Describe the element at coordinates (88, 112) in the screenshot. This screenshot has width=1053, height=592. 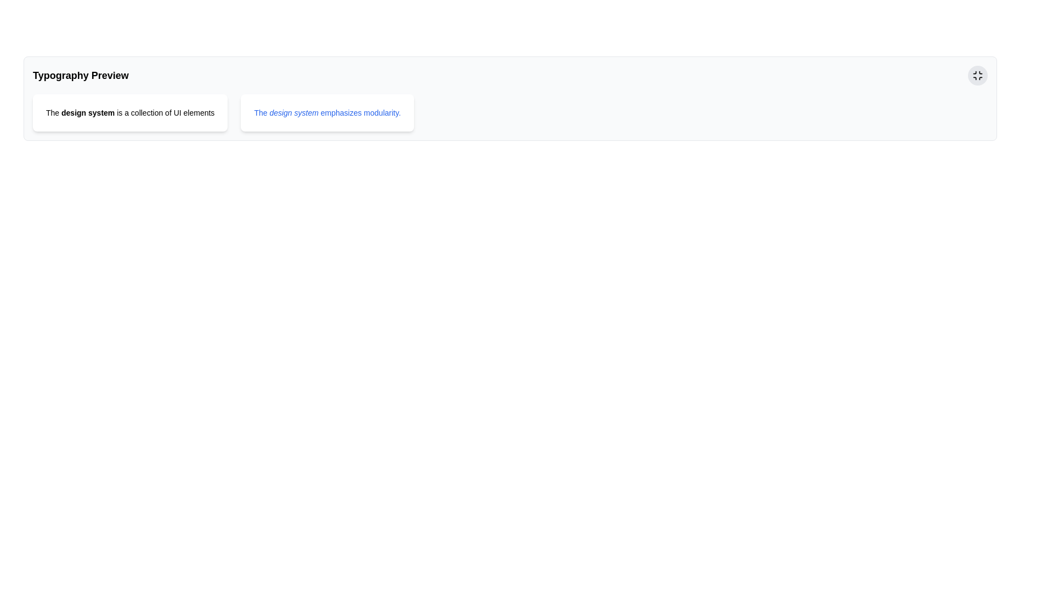
I see `the text element that says 'design system', which is styled in bold and is located in the left card beneath the 'Typography Preview' title` at that location.